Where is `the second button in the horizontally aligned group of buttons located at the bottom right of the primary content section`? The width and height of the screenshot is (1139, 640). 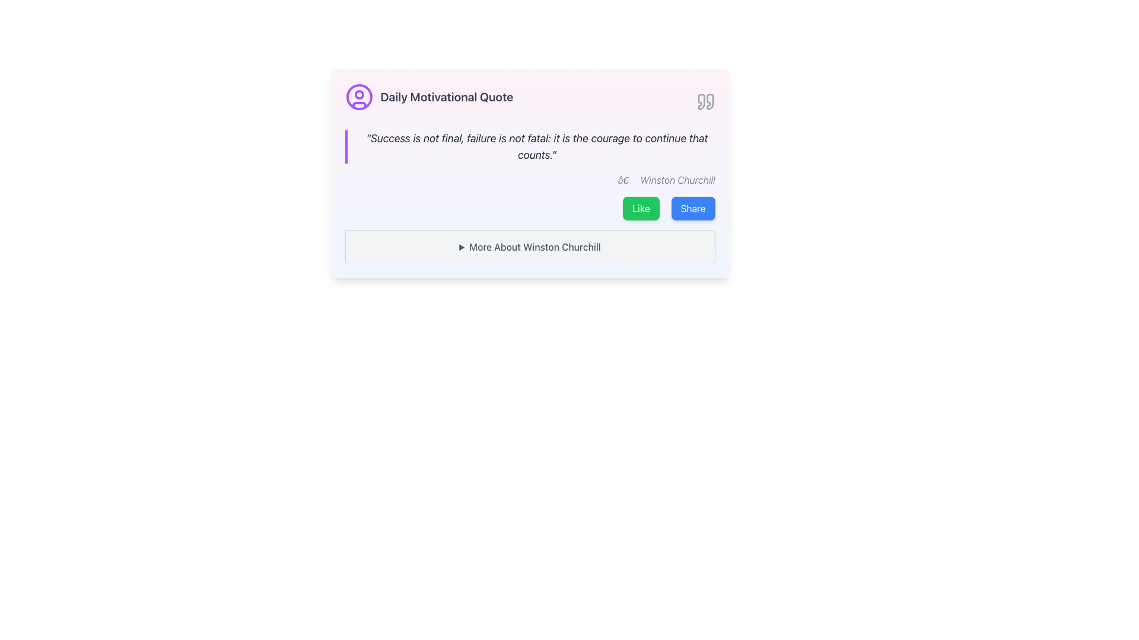
the second button in the horizontally aligned group of buttons located at the bottom right of the primary content section is located at coordinates (693, 207).